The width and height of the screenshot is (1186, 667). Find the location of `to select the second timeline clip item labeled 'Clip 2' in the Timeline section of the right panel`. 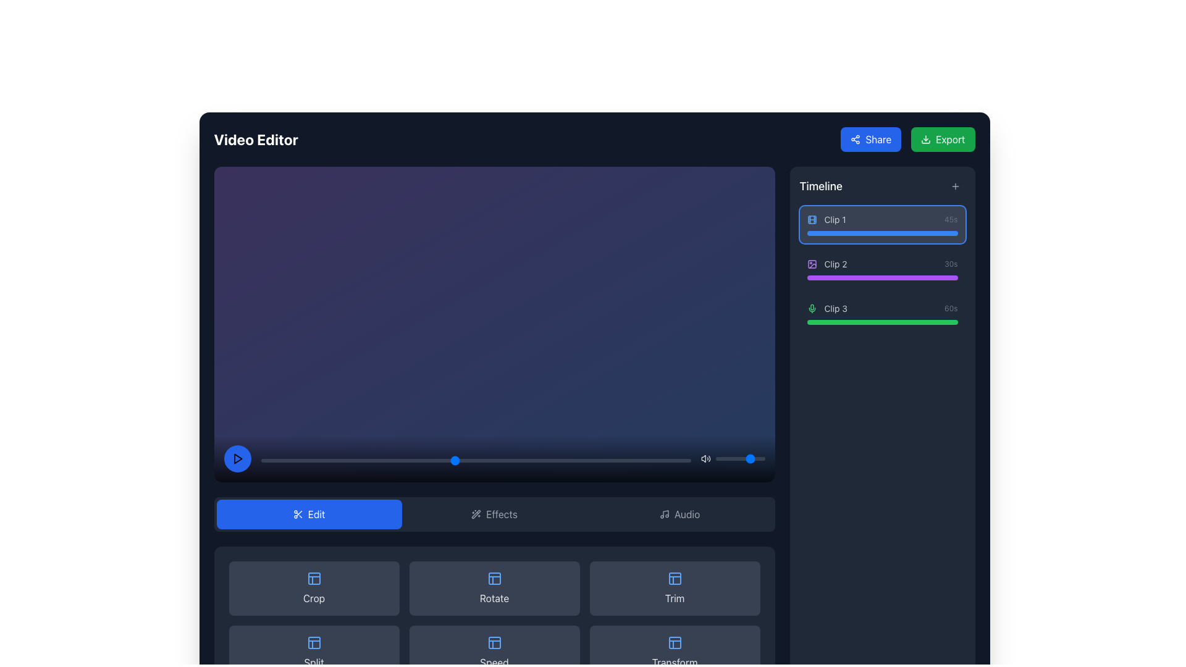

to select the second timeline clip item labeled 'Clip 2' in the Timeline section of the right panel is located at coordinates (881, 268).